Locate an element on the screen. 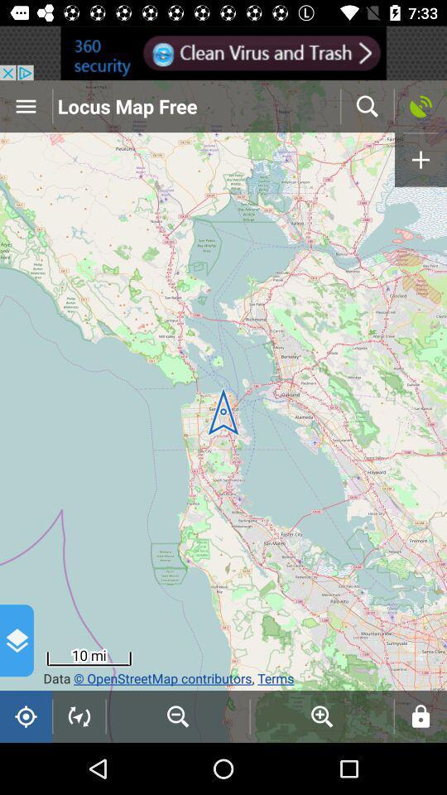 The image size is (447, 795). the lock icon is located at coordinates (421, 715).